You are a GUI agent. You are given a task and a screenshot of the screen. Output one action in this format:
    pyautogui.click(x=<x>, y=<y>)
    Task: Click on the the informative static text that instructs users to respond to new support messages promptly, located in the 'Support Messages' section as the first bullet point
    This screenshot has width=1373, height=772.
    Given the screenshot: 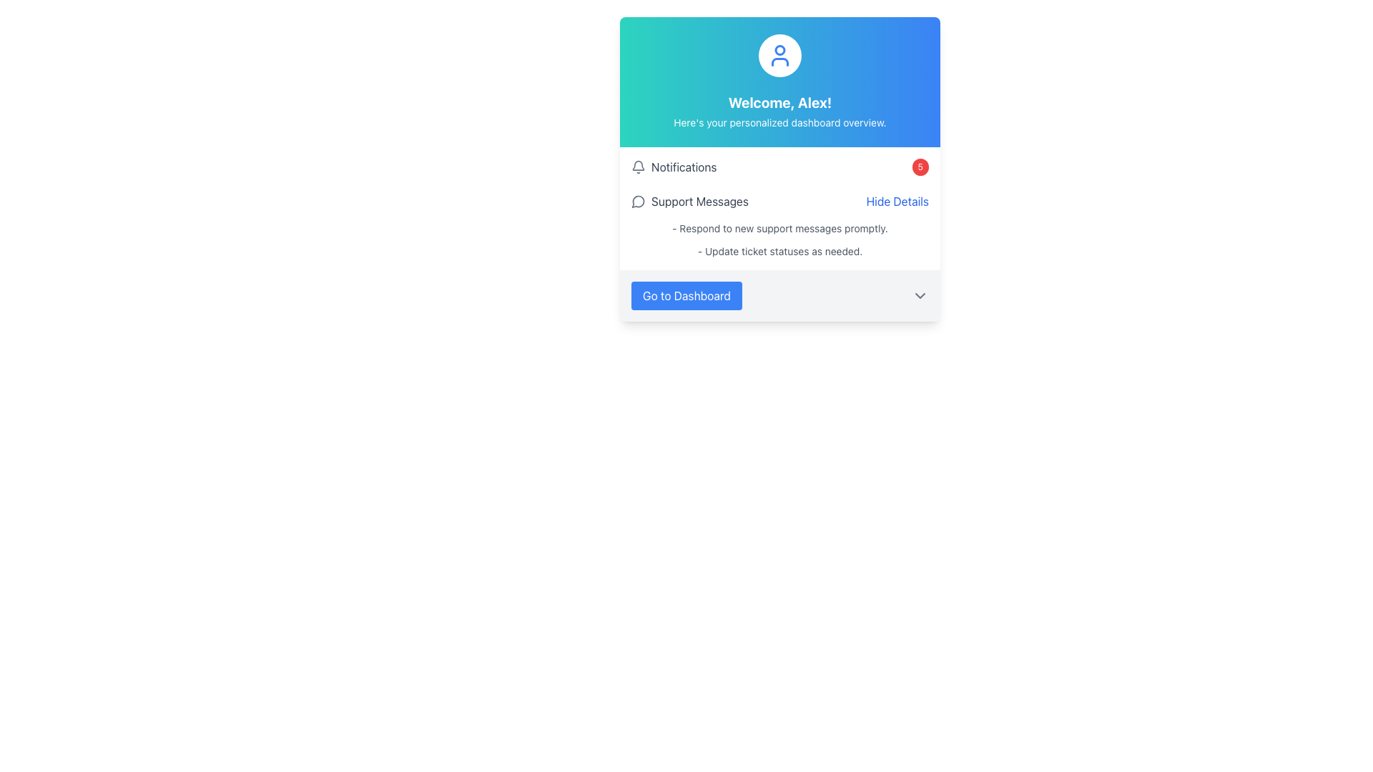 What is the action you would take?
    pyautogui.click(x=779, y=228)
    